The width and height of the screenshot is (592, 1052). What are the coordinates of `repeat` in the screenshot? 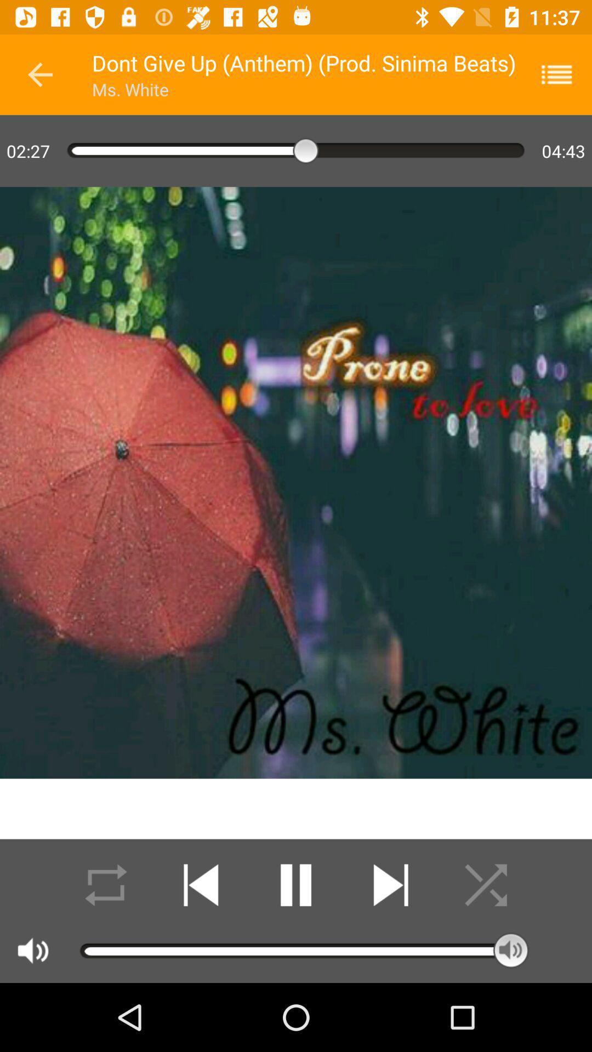 It's located at (106, 885).